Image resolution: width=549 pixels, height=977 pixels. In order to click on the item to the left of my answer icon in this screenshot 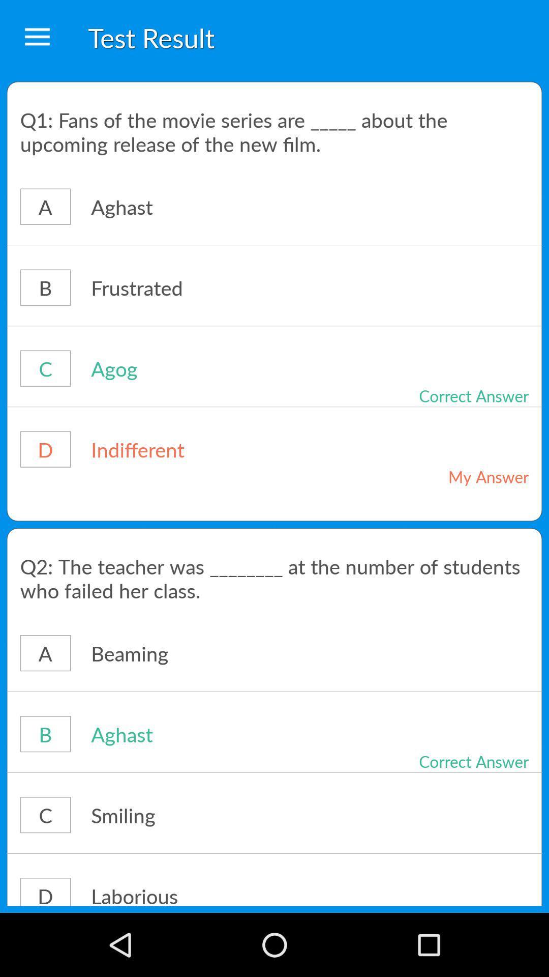, I will do `click(210, 449)`.